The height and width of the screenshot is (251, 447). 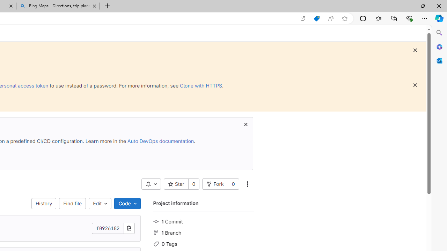 I want to click on 'Auto DevOps documentation', so click(x=160, y=141).